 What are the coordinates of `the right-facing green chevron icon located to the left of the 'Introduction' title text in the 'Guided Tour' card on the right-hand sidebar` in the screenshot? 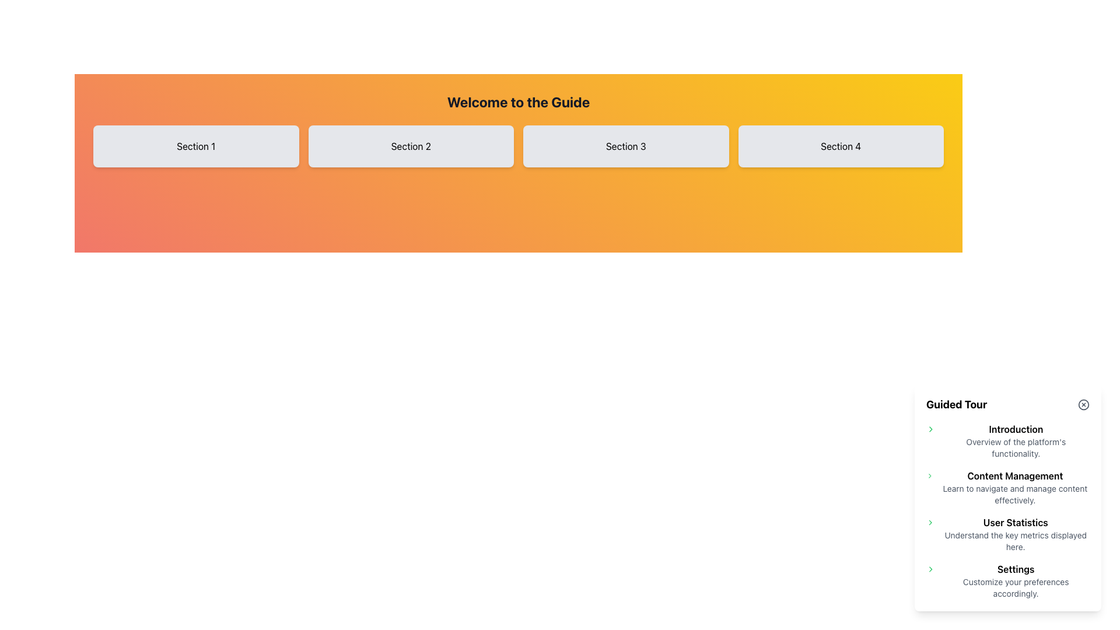 It's located at (930, 429).